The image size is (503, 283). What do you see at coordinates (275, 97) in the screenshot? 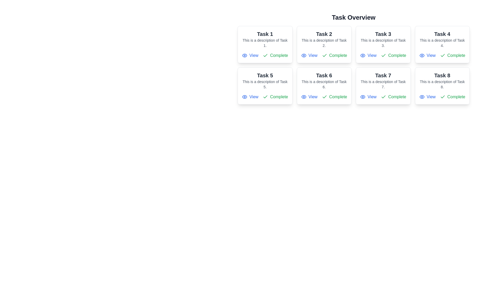
I see `the green 'Complete' label with a checkmark icon, located` at bounding box center [275, 97].